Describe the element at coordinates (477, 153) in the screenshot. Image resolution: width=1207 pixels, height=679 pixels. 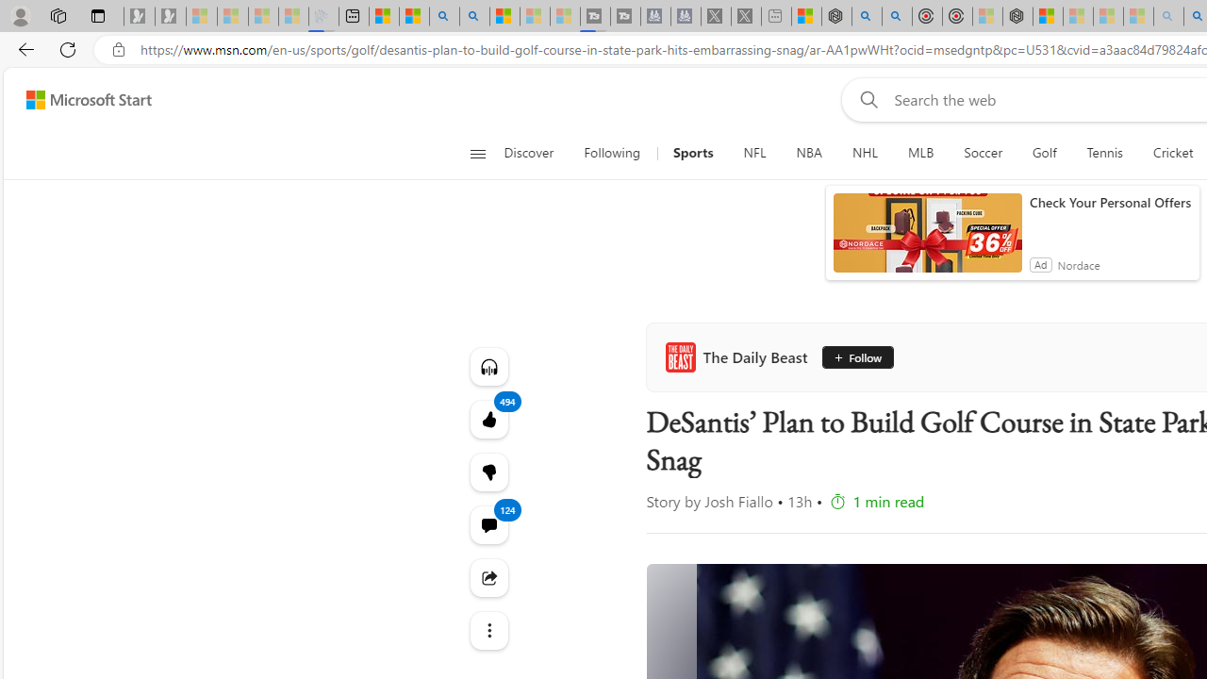
I see `'Open navigation menu'` at that location.